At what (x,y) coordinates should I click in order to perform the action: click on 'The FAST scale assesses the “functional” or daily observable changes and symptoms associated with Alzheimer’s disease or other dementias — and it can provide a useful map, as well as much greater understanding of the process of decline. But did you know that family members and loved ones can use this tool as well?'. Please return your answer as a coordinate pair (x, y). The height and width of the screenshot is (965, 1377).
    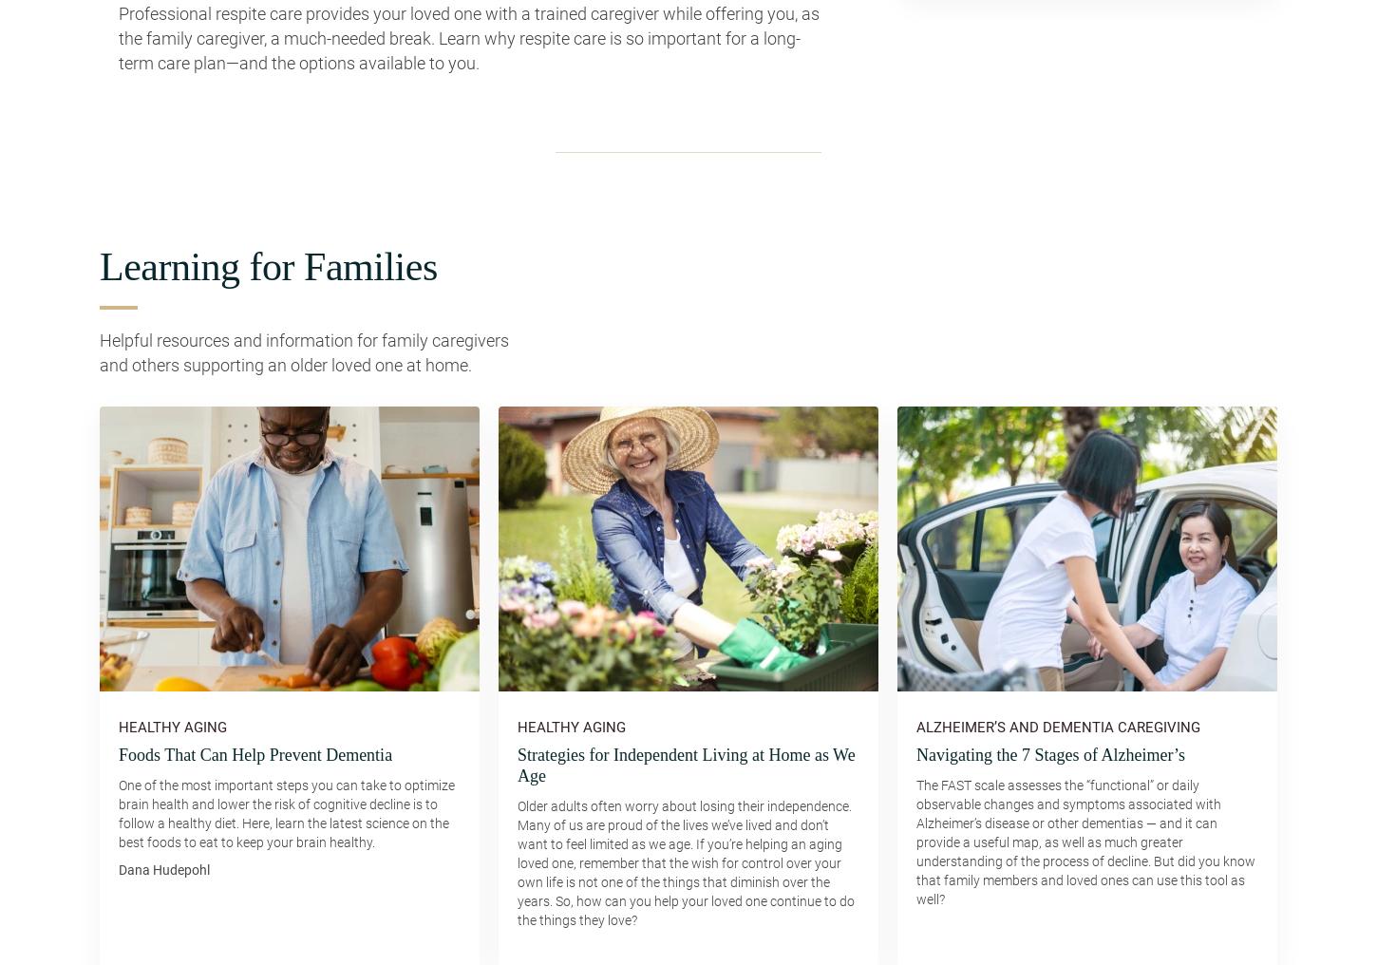
    Looking at the image, I should click on (915, 842).